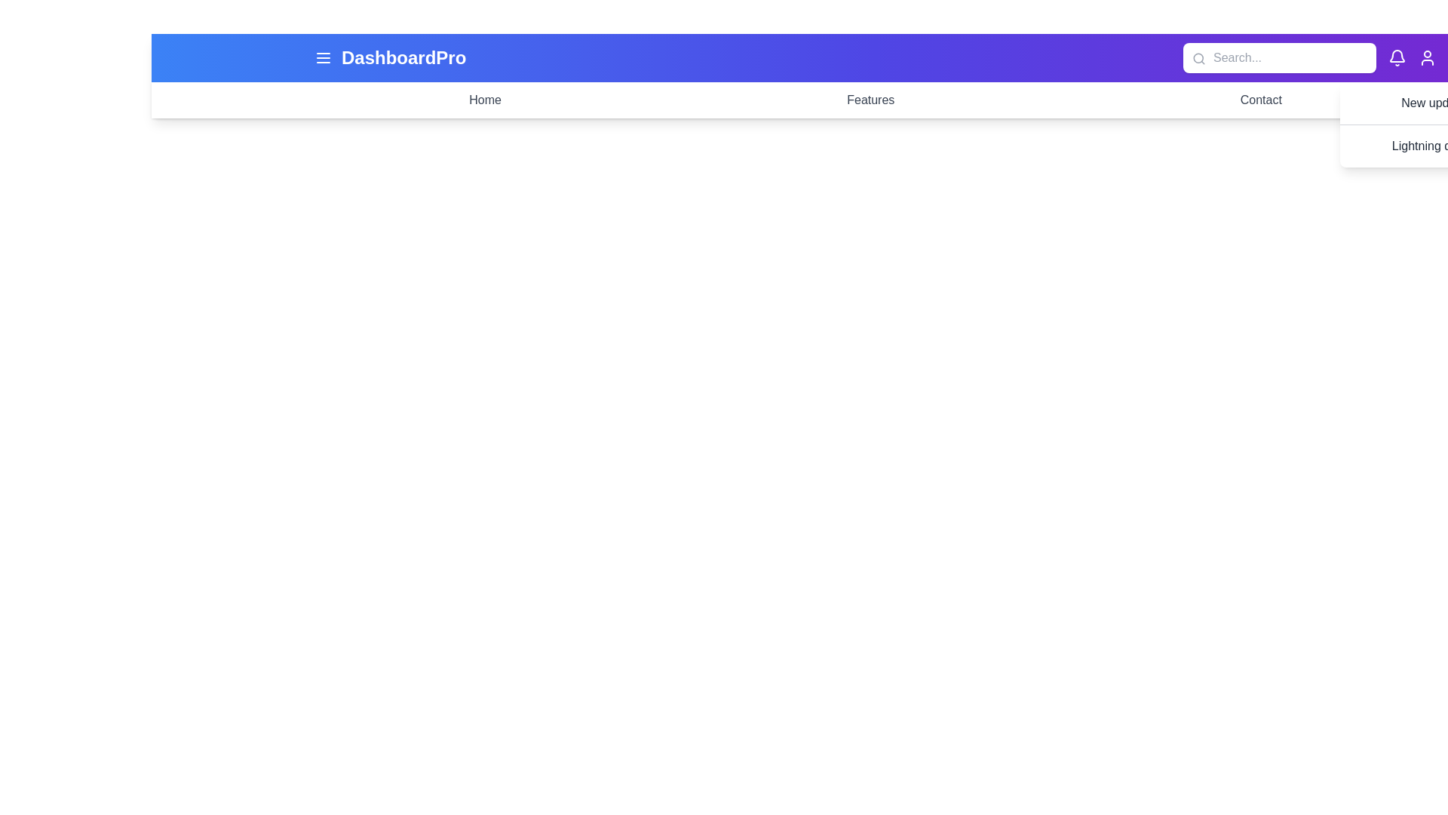  What do you see at coordinates (1261, 100) in the screenshot?
I see `the menu item Contact to navigate to the corresponding section` at bounding box center [1261, 100].